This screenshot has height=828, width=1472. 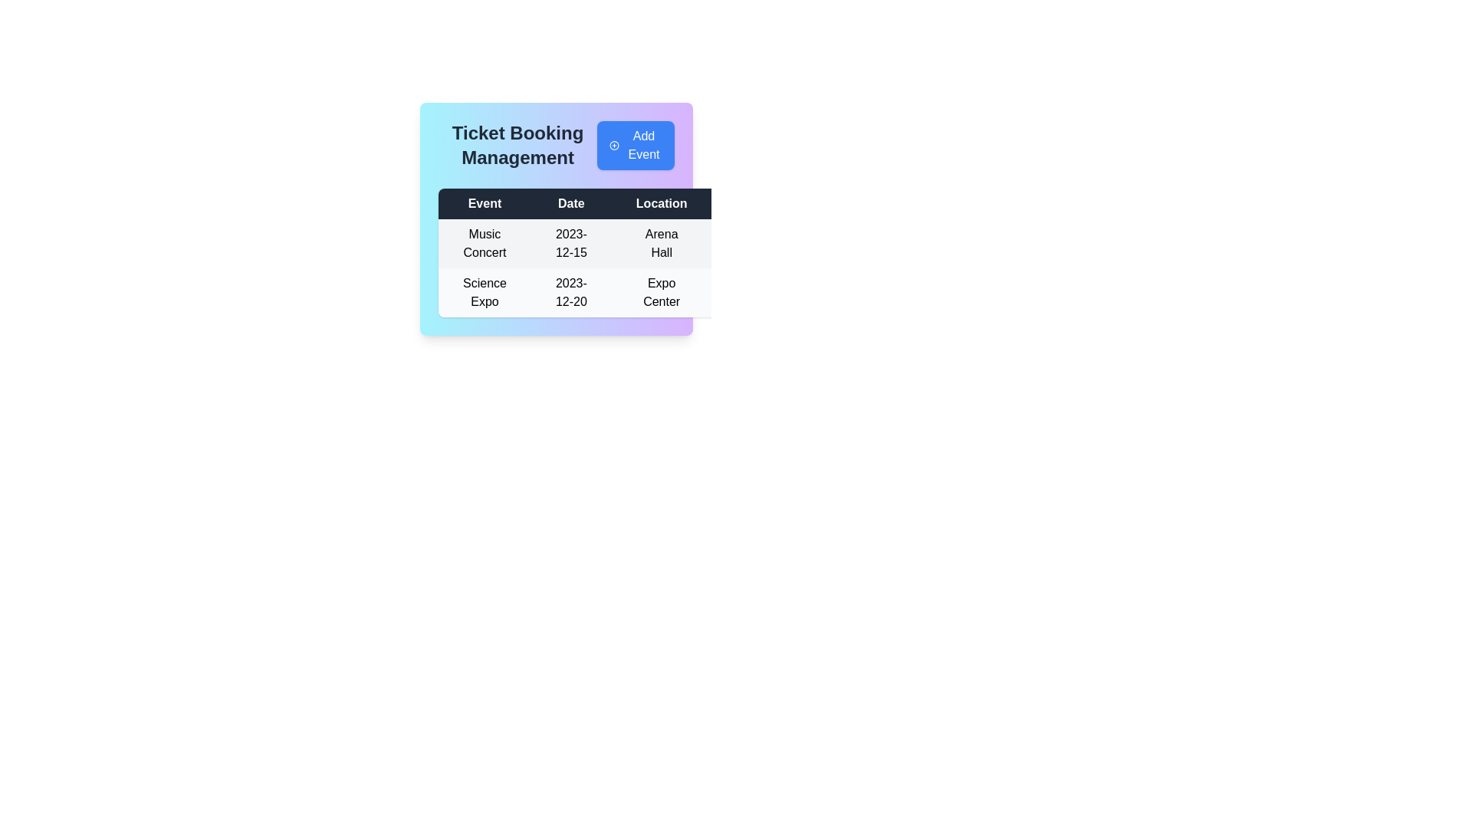 I want to click on the display-only text field that shows the date for the 'Science Expo', located in the second row and second column of the table, below the 'Date' header, so click(x=570, y=292).